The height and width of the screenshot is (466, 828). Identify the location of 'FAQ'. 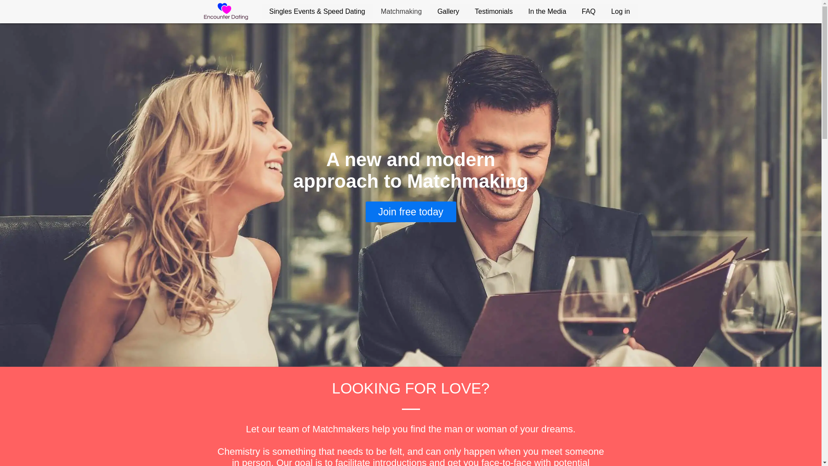
(587, 12).